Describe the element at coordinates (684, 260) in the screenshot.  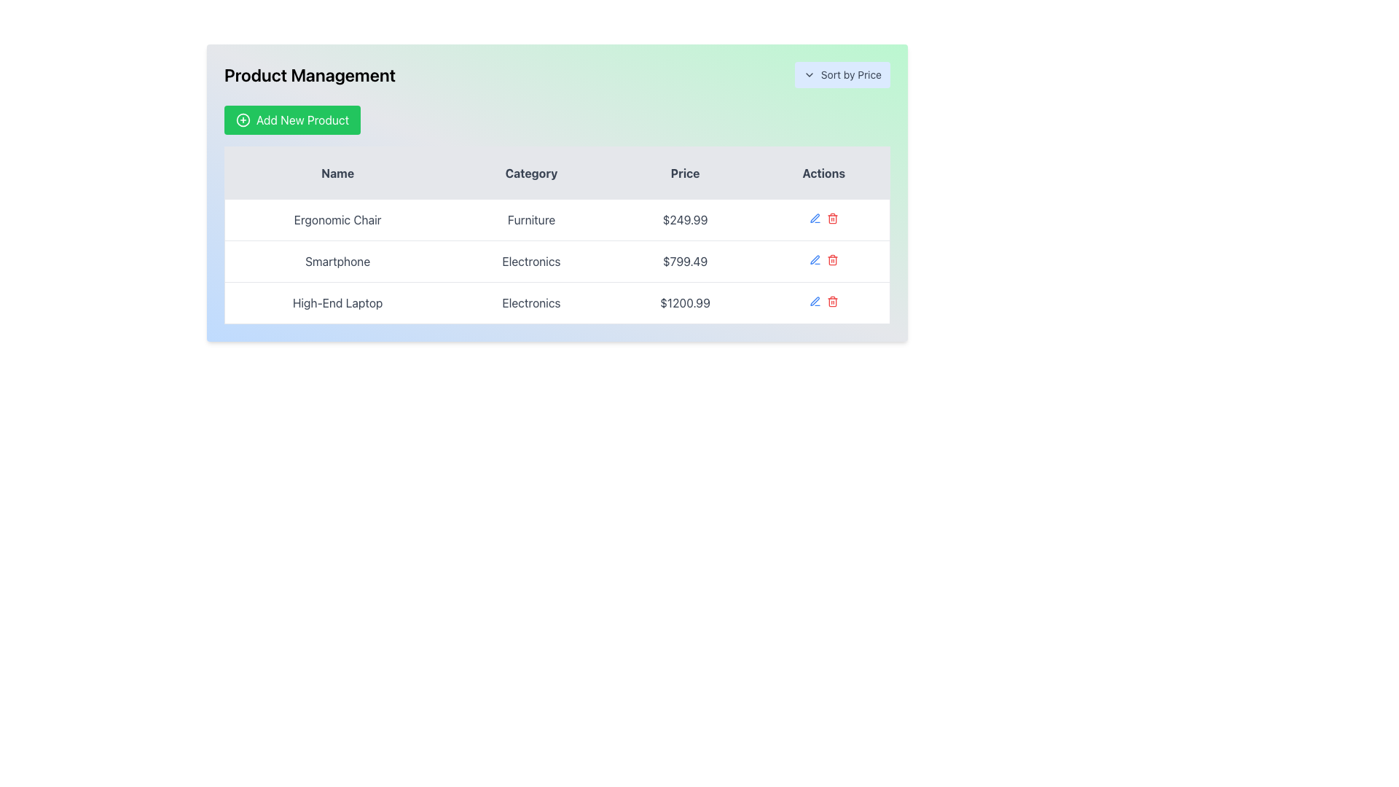
I see `the price display for the 'Smartphone' product located in the third cell of the table` at that location.